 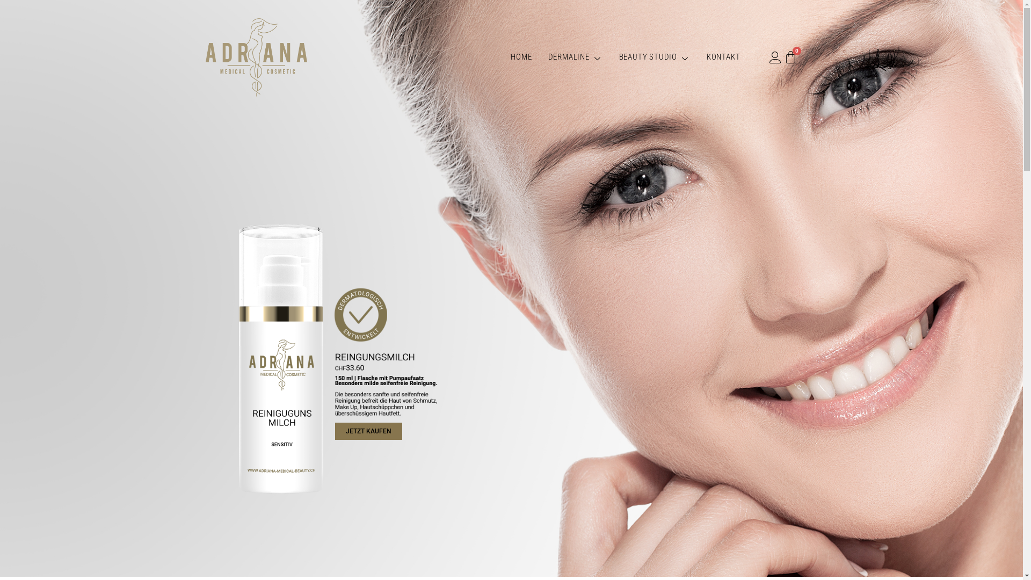 What do you see at coordinates (790, 57) in the screenshot?
I see `'0` at bounding box center [790, 57].